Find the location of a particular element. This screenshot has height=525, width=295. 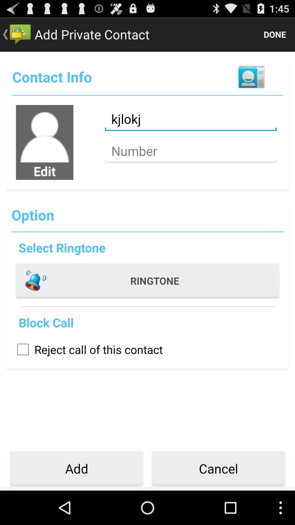

cancel is located at coordinates (218, 468).